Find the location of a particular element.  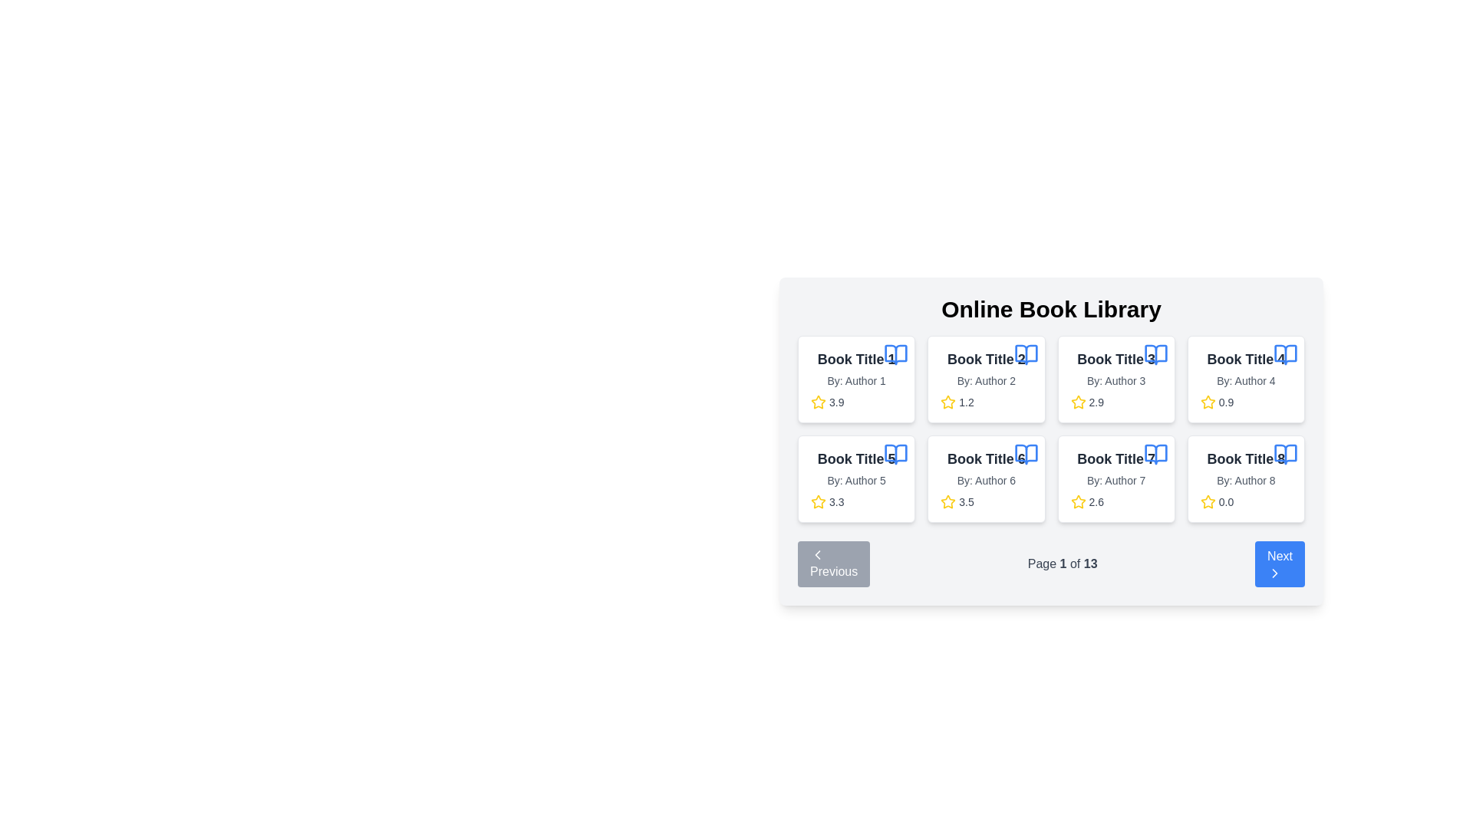

the 'Next' button which is a rectangular button with rounded edges, styled with a blue background and white text, positioned to the right of the pagination text 'Page 1 of 13' is located at coordinates (1280, 564).